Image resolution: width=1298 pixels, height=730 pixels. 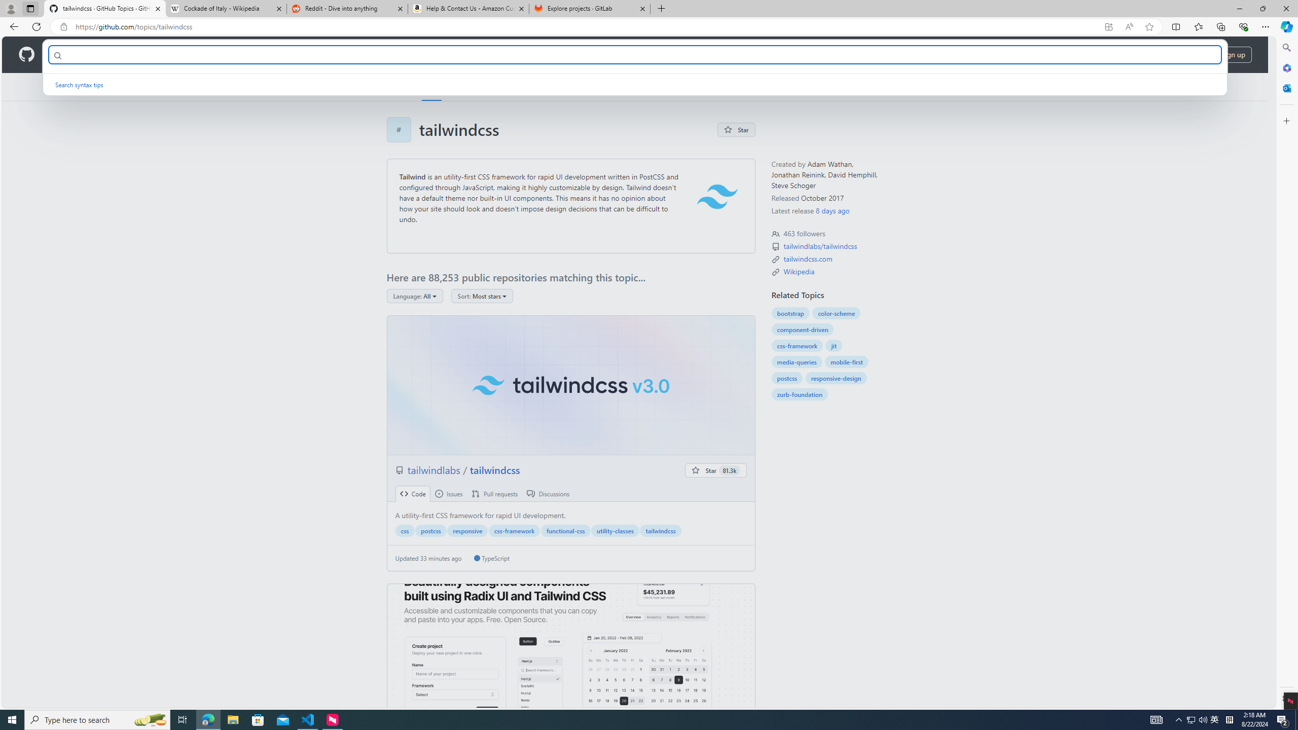 What do you see at coordinates (285, 54) in the screenshot?
I see `'Enterprise'` at bounding box center [285, 54].